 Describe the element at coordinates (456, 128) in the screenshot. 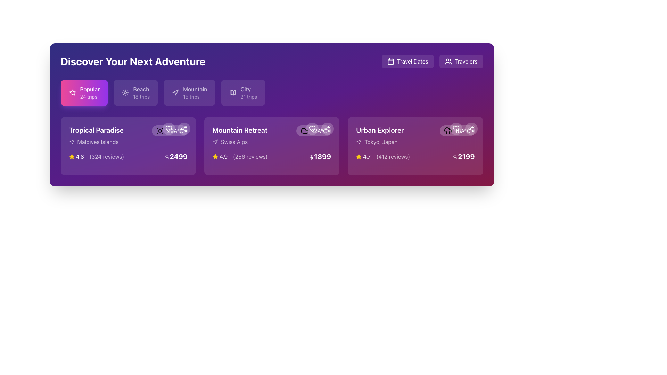

I see `the heart-shaped outline icon button with a white stroke, located in the upper right of the 'Urban Explorer' card` at that location.